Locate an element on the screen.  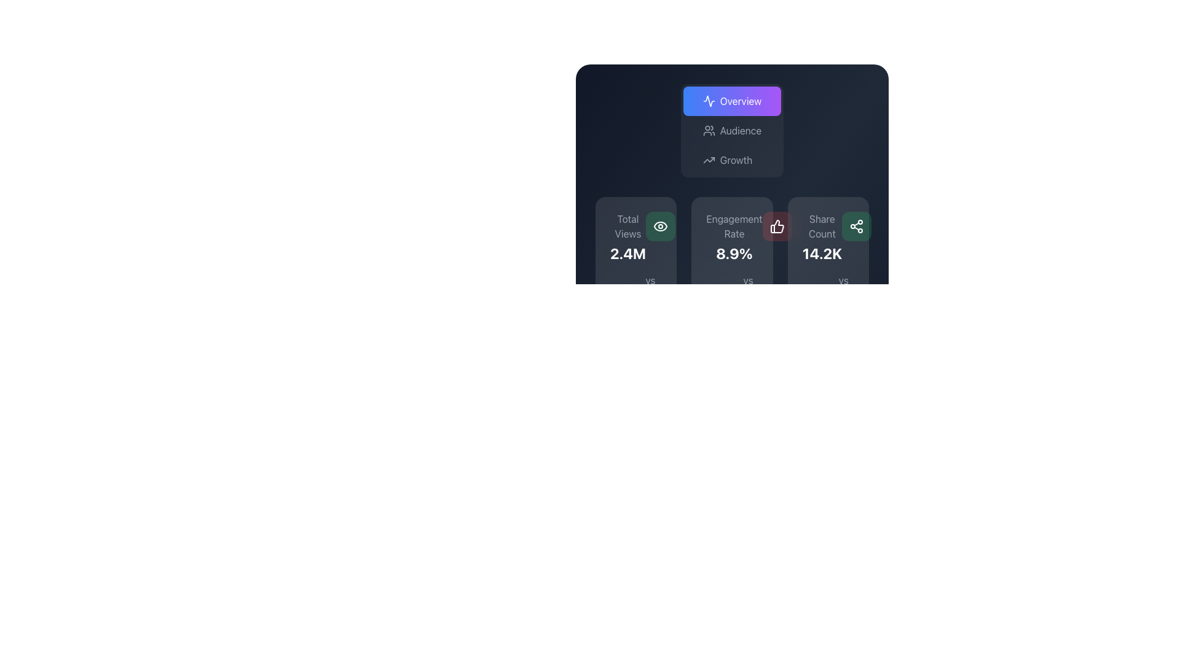
the share icon located at the bottom right corner of the 'Share Count' statistics panel is located at coordinates (856, 227).